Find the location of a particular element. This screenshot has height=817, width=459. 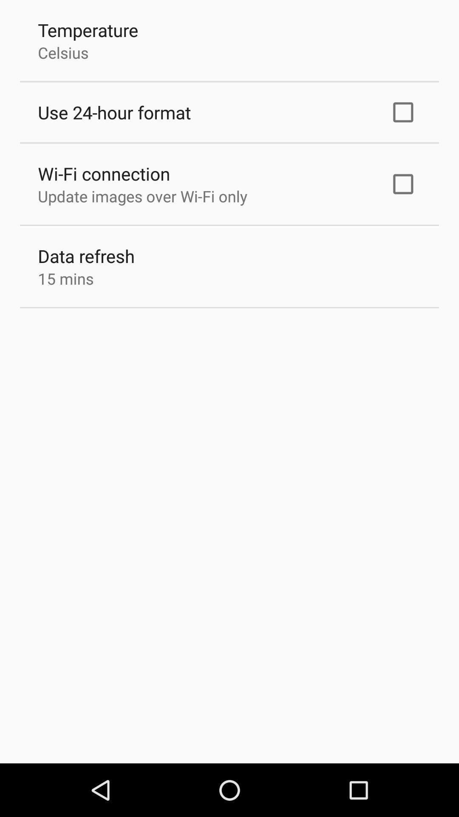

item below the celsius icon is located at coordinates (114, 112).